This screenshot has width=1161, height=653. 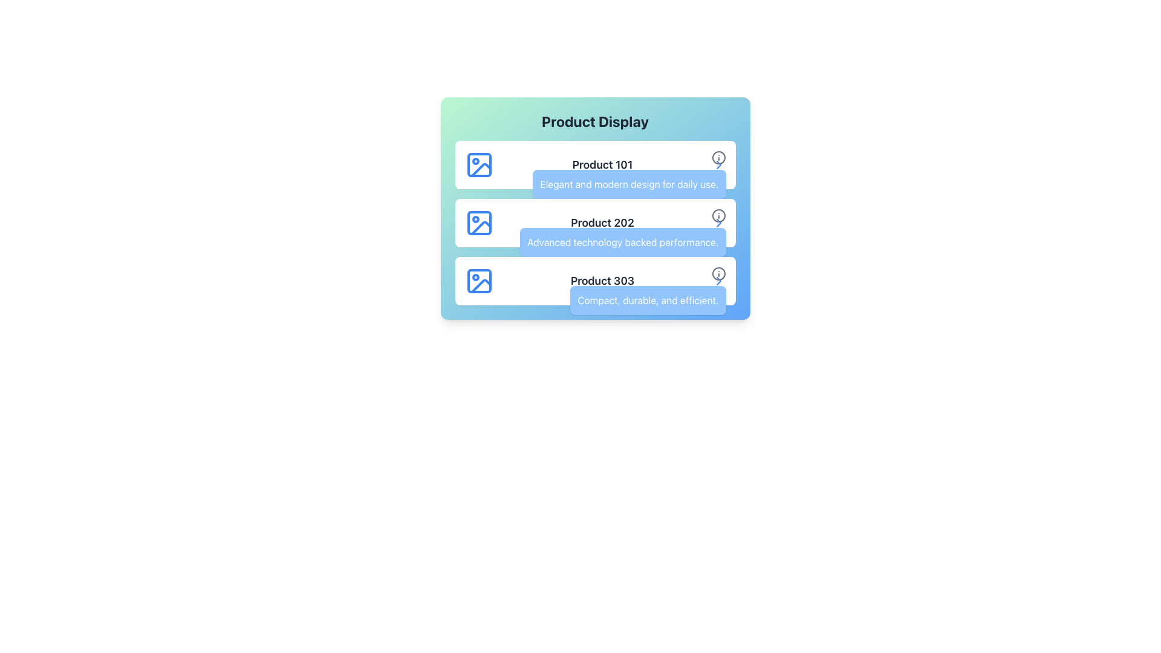 I want to click on the gray circular icon with an outlined 'i' in the center located at the top-right corner of the 'Product 303' box, so click(x=718, y=273).